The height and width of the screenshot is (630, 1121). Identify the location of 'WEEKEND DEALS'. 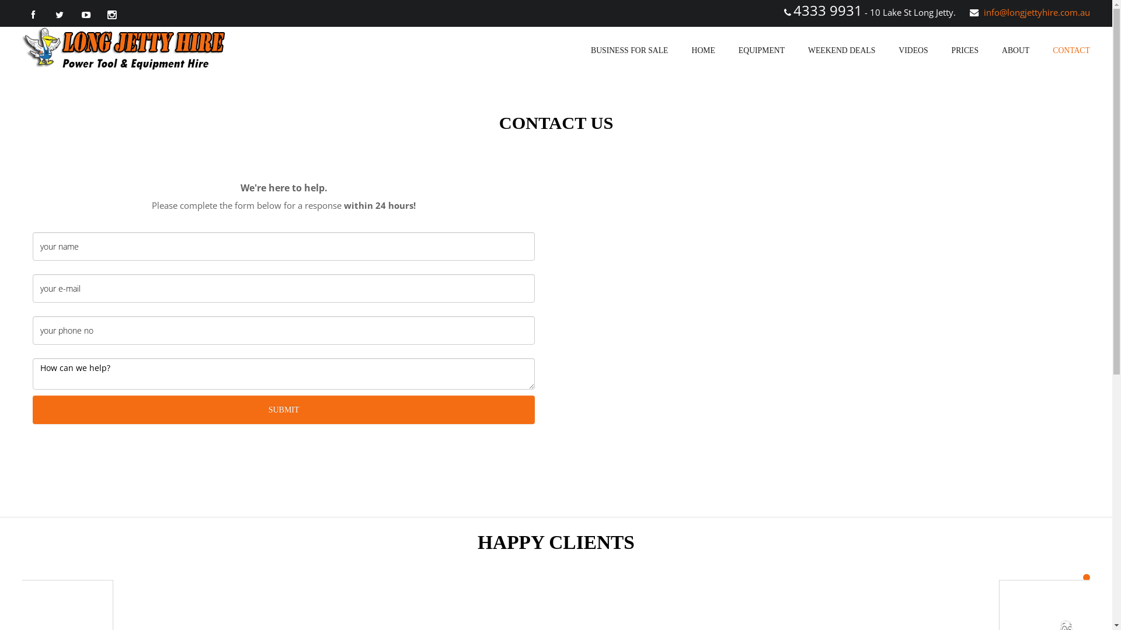
(841, 50).